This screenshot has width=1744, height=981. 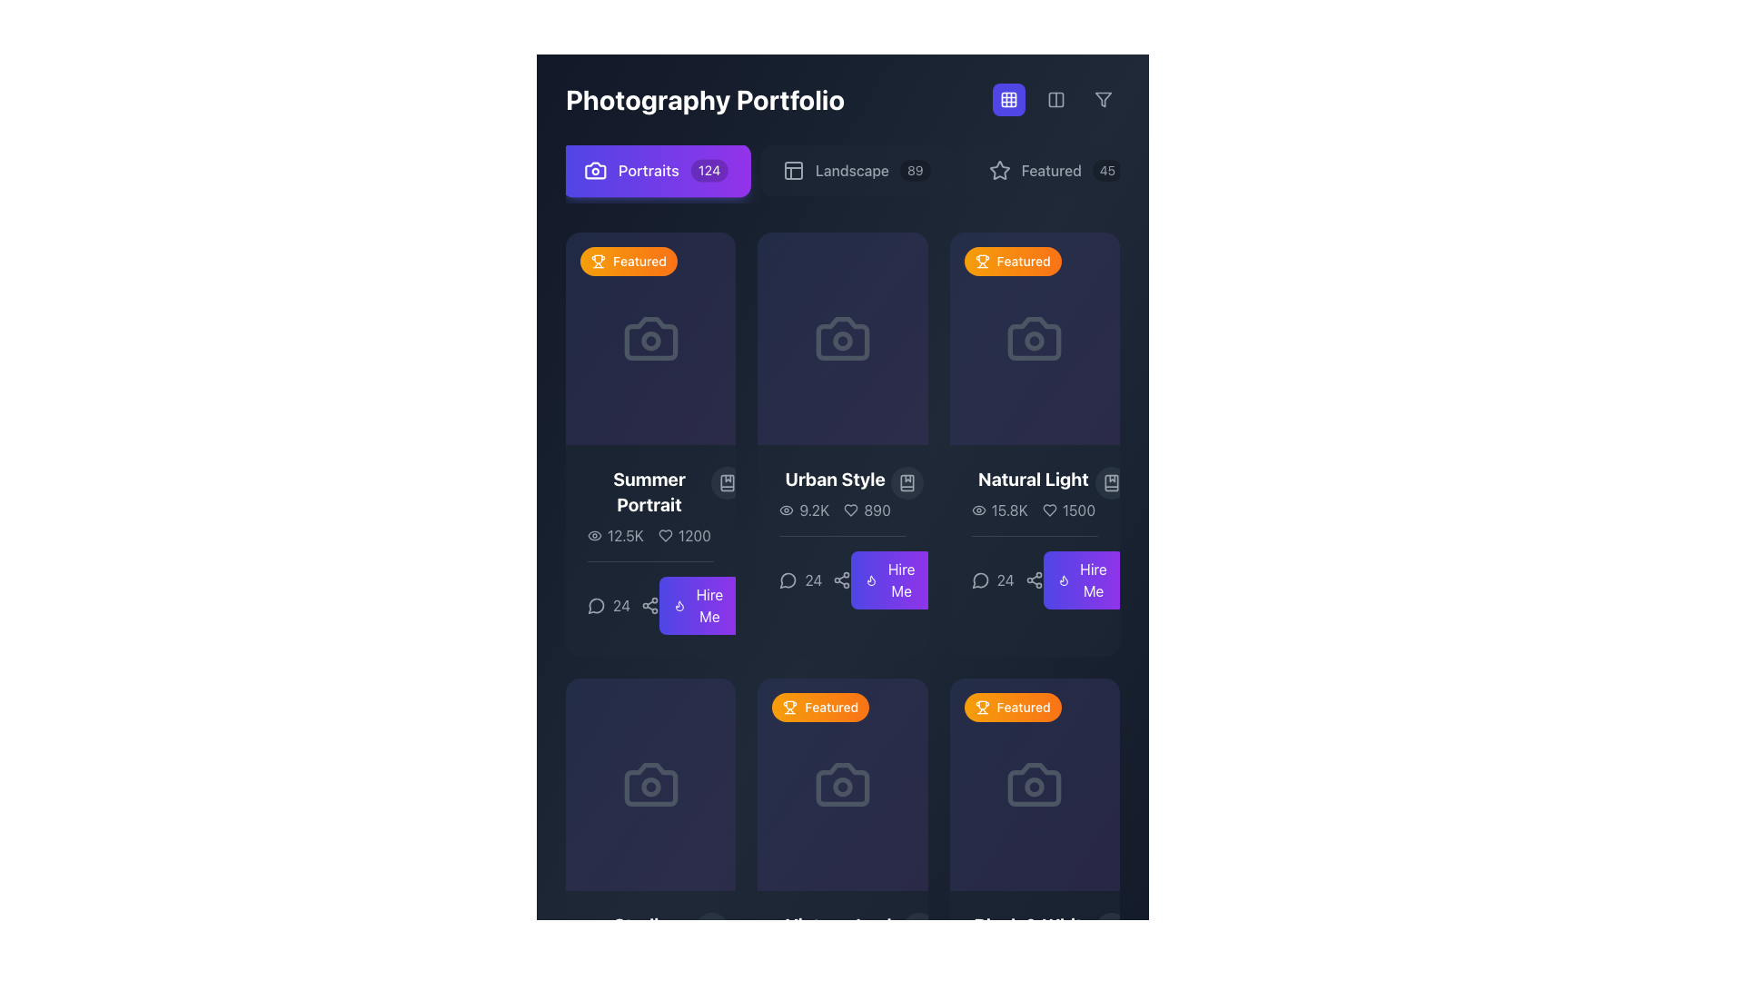 What do you see at coordinates (841, 786) in the screenshot?
I see `the small circular graphical component at the center of the camera icon in the second row and third column of the grid layout under the 'Photography Portfolio' section` at bounding box center [841, 786].